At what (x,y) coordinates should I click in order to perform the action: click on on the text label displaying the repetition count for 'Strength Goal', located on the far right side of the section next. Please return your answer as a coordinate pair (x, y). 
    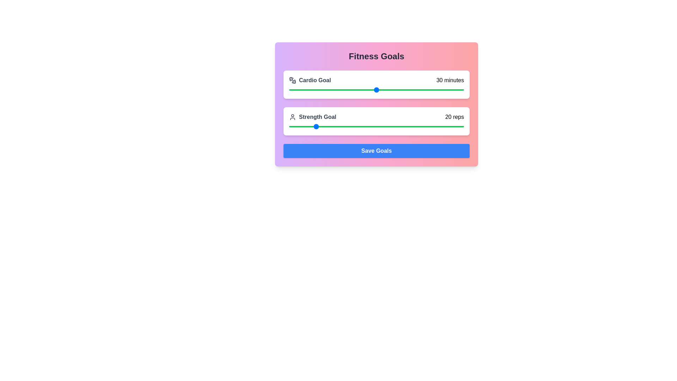
    Looking at the image, I should click on (455, 116).